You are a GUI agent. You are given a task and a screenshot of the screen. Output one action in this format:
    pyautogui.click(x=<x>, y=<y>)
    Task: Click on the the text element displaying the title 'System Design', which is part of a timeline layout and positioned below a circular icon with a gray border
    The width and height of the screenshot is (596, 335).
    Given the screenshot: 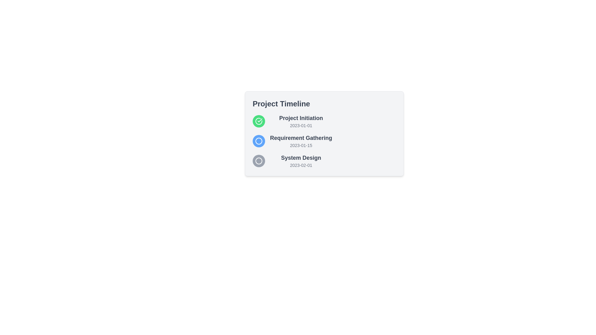 What is the action you would take?
    pyautogui.click(x=301, y=158)
    